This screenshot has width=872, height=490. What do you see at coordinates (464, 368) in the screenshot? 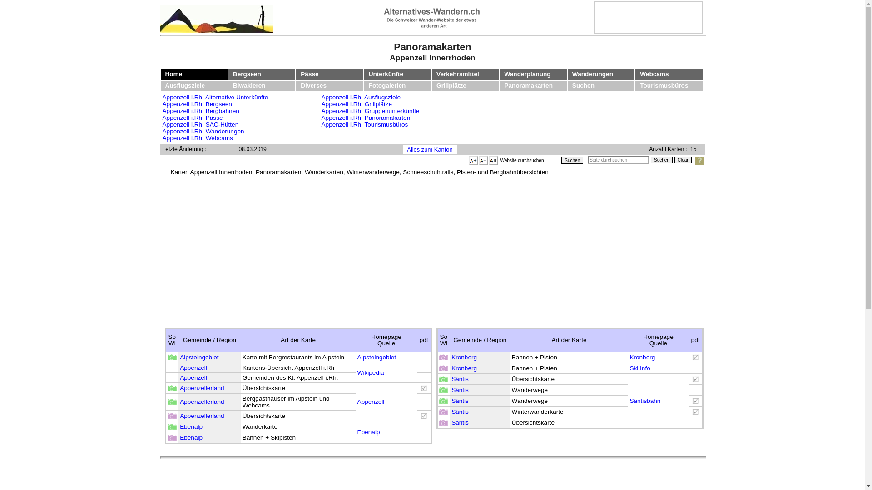
I see `'Kronberg'` at bounding box center [464, 368].